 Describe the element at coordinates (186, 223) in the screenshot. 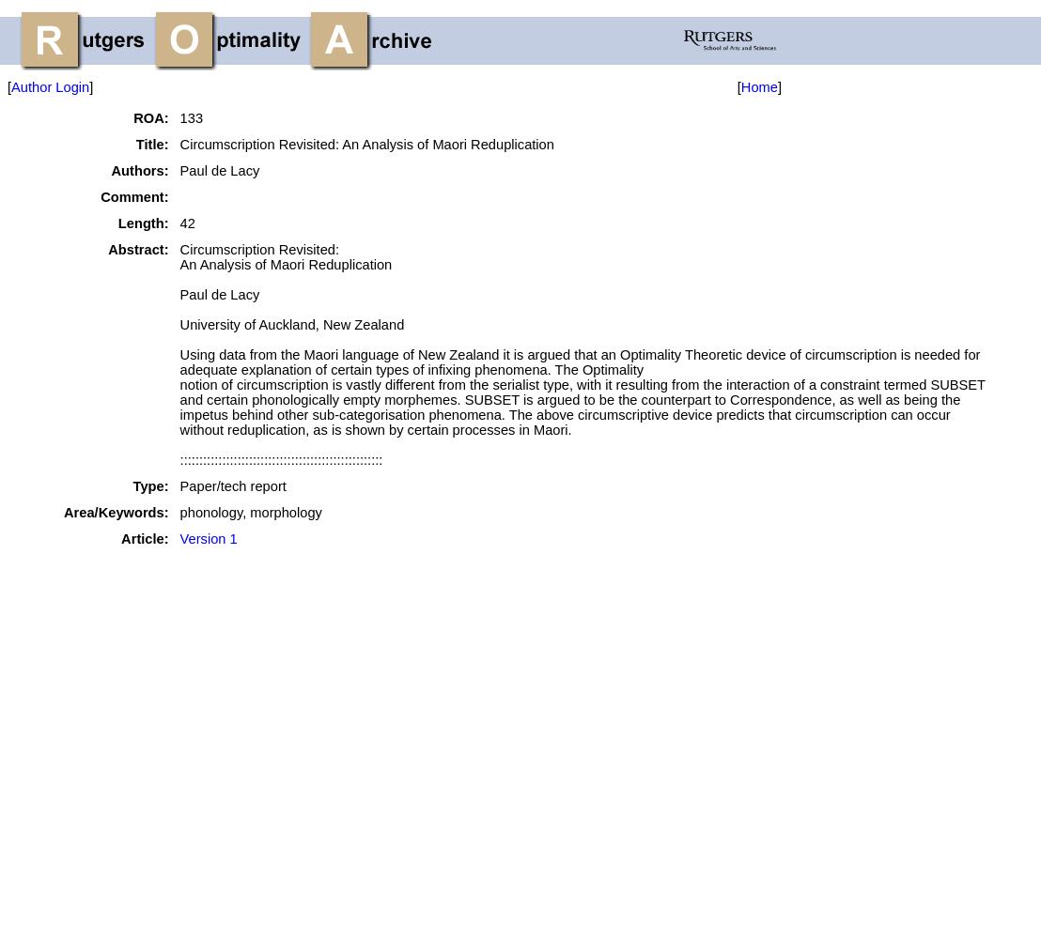

I see `'42'` at that location.